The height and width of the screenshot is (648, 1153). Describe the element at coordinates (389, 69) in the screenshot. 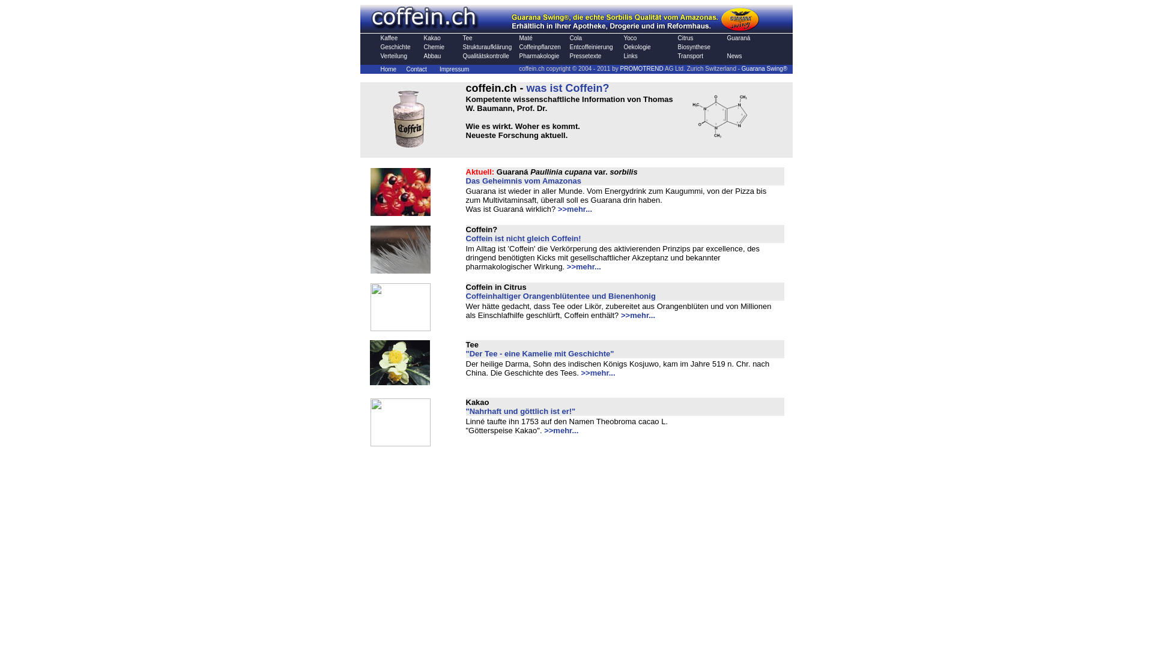

I see `'Home'` at that location.